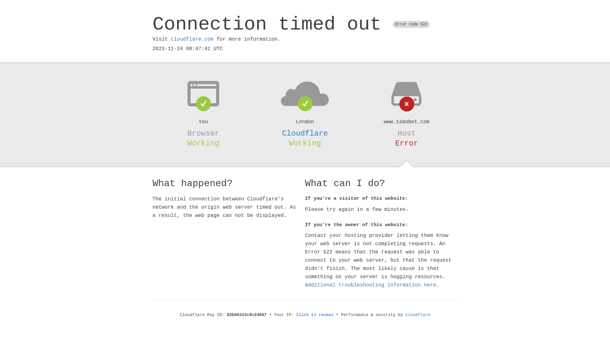  Describe the element at coordinates (315, 315) in the screenshot. I see `'Click to reveal'` at that location.